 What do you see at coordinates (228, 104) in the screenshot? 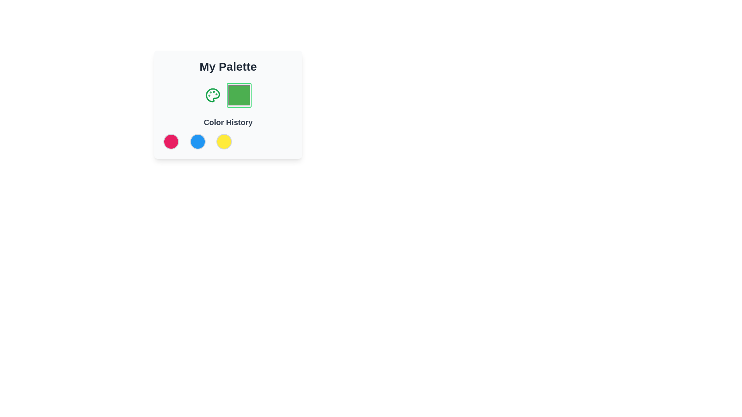
I see `the Color Display Box, which is a green square with a thin green border, located` at bounding box center [228, 104].